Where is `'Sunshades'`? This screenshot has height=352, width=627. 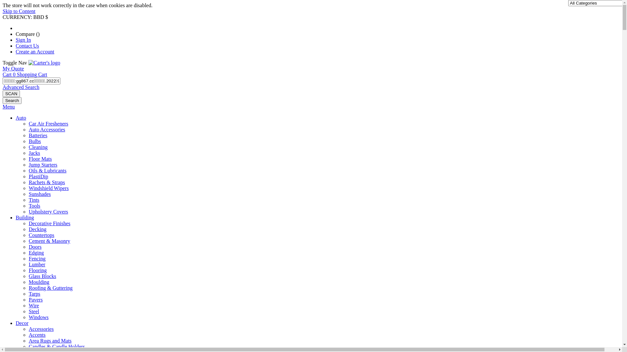 'Sunshades' is located at coordinates (39, 194).